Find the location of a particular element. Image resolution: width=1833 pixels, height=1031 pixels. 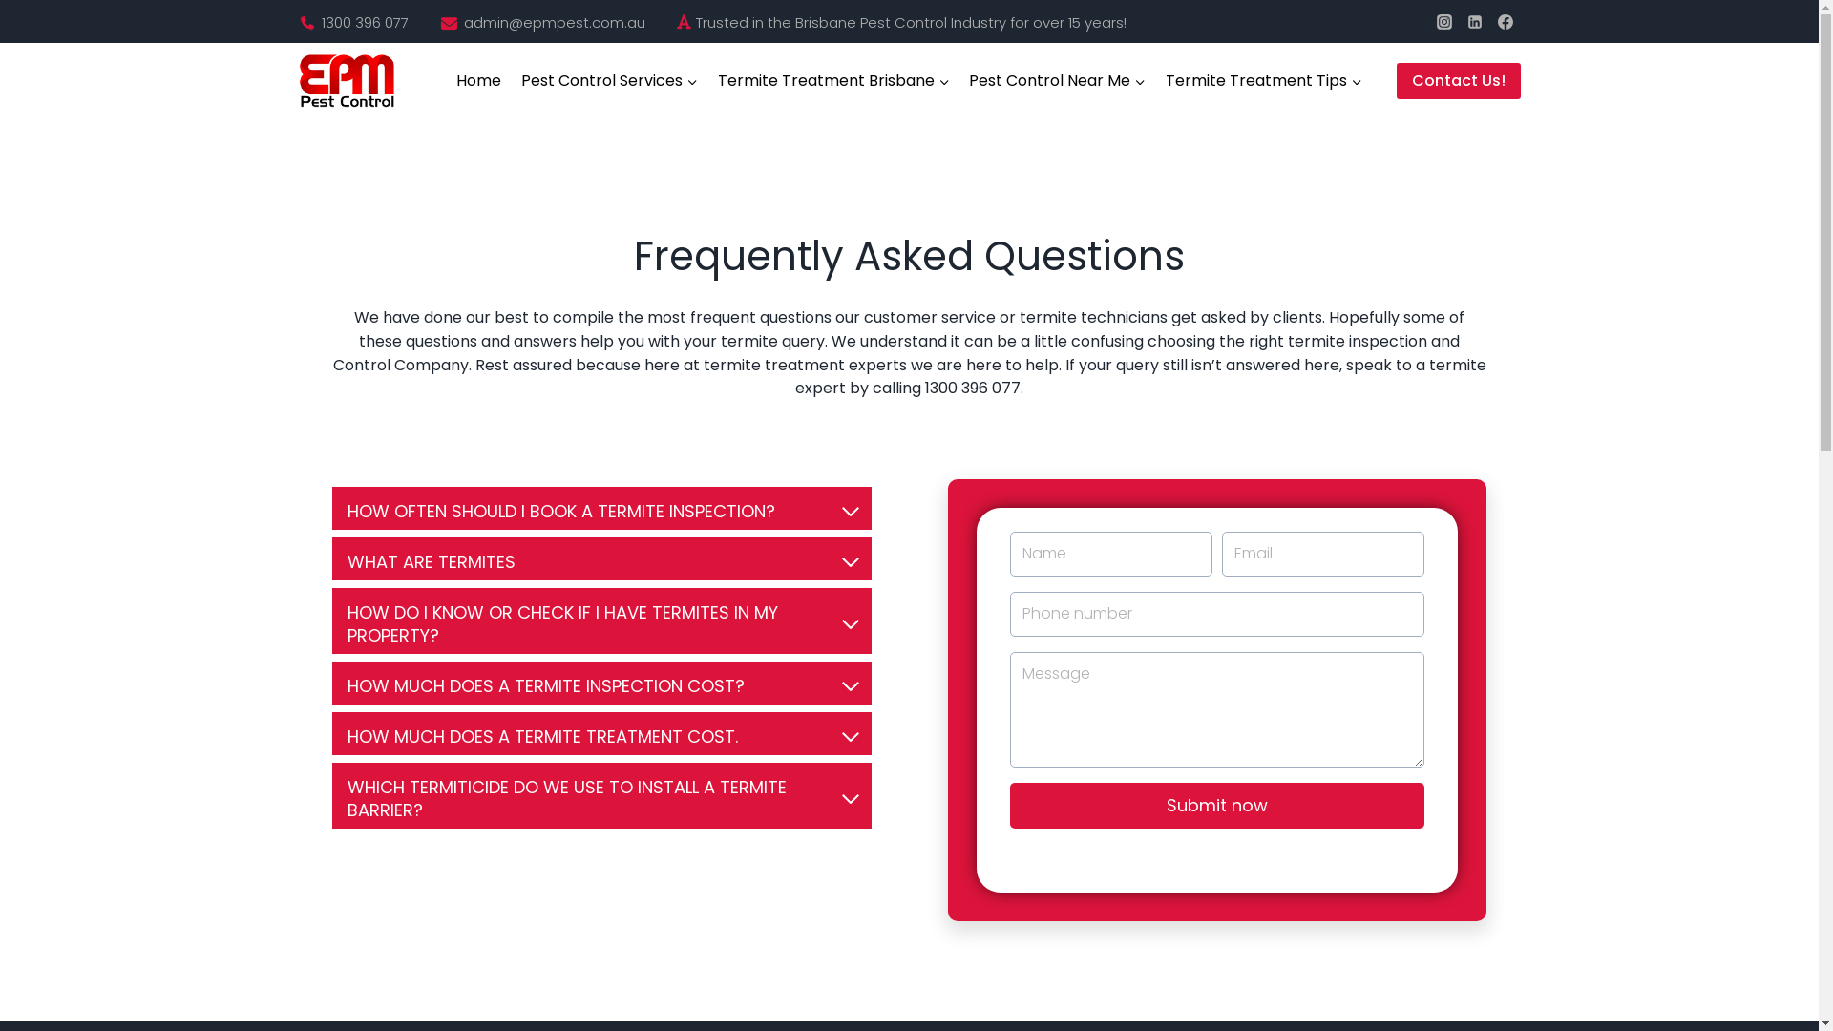

'Home' is located at coordinates (479, 80).